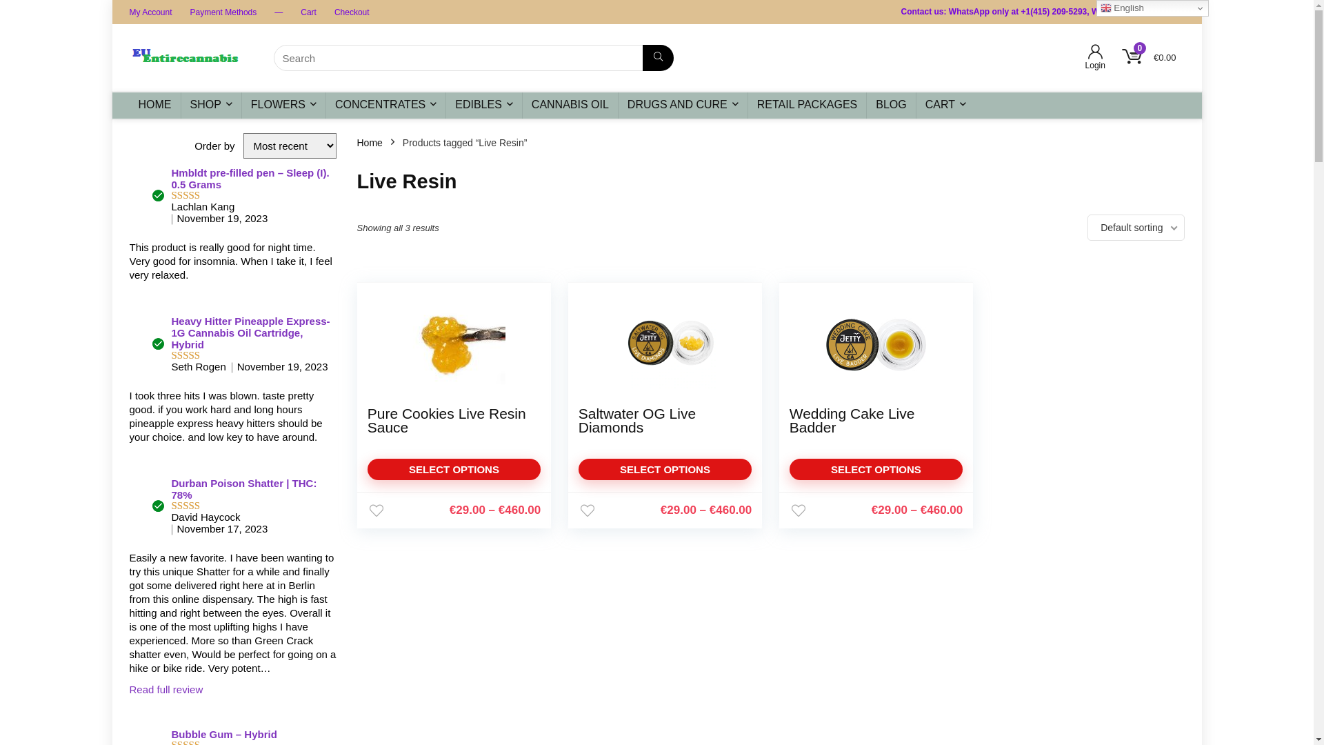 The height and width of the screenshot is (745, 1324). What do you see at coordinates (165, 689) in the screenshot?
I see `'Read full review'` at bounding box center [165, 689].